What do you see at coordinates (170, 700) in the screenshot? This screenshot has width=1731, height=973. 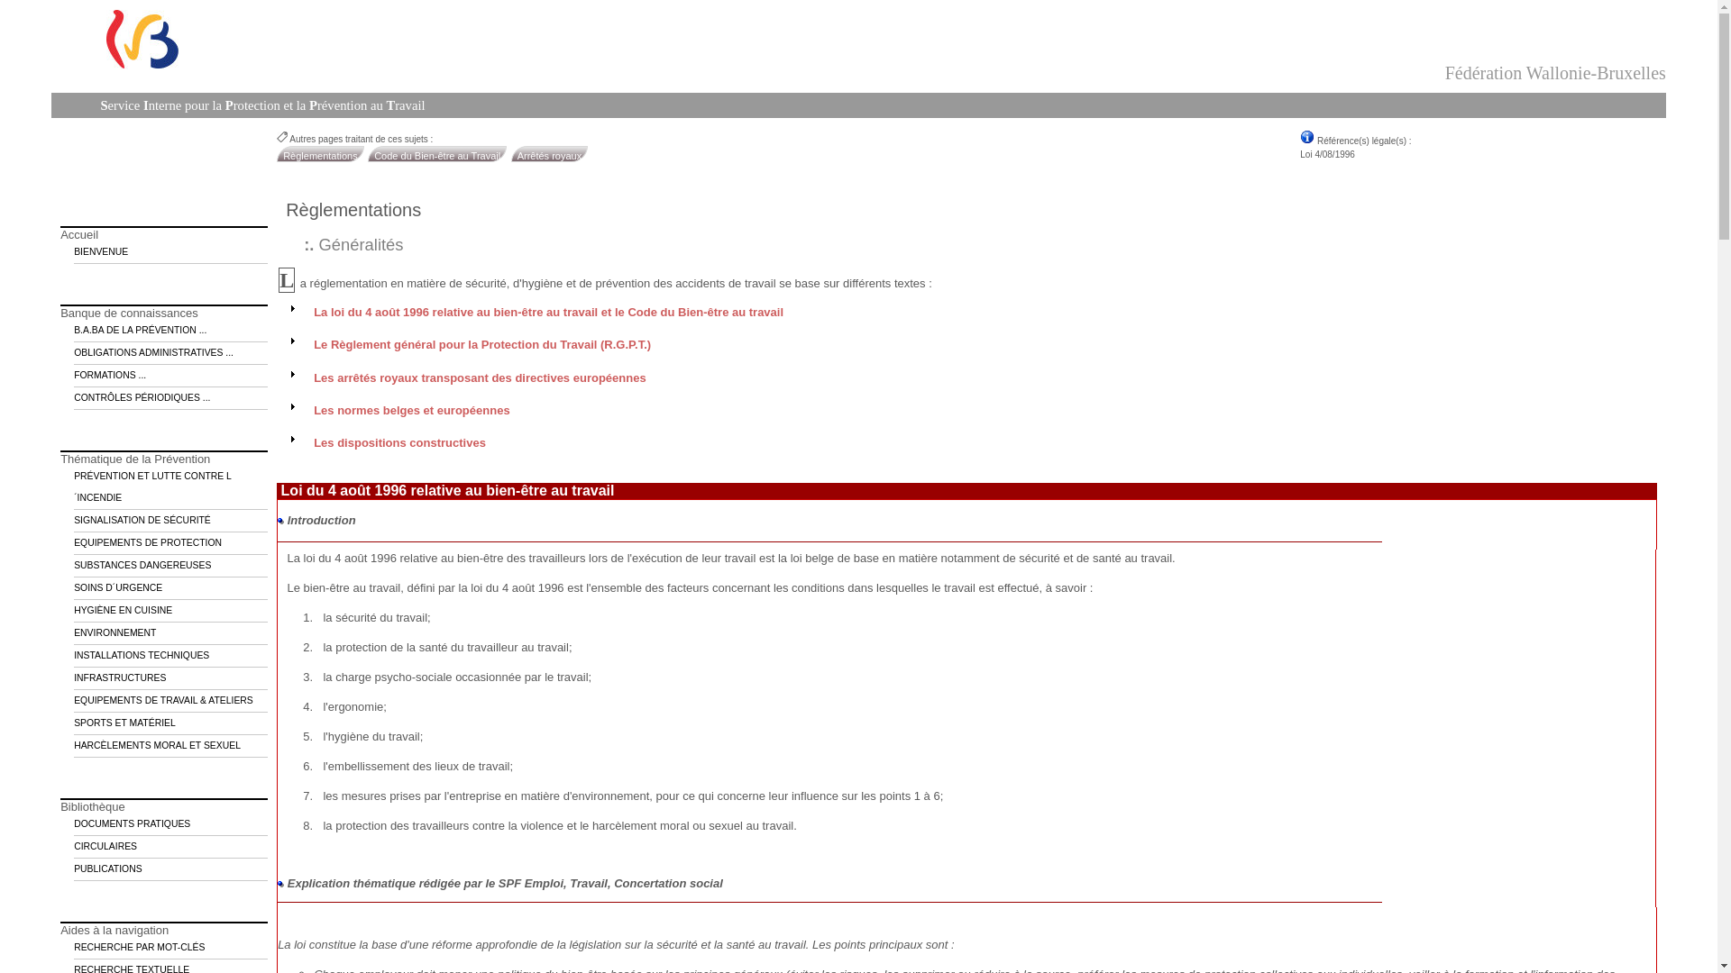 I see `'EQUIPEMENTS DE TRAVAIL & ATELIERS'` at bounding box center [170, 700].